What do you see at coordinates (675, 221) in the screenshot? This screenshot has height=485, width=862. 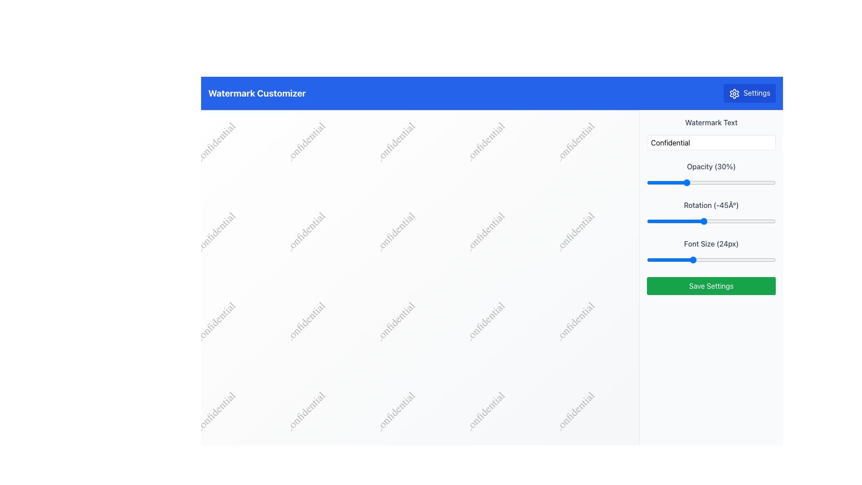 I see `rotation` at bounding box center [675, 221].